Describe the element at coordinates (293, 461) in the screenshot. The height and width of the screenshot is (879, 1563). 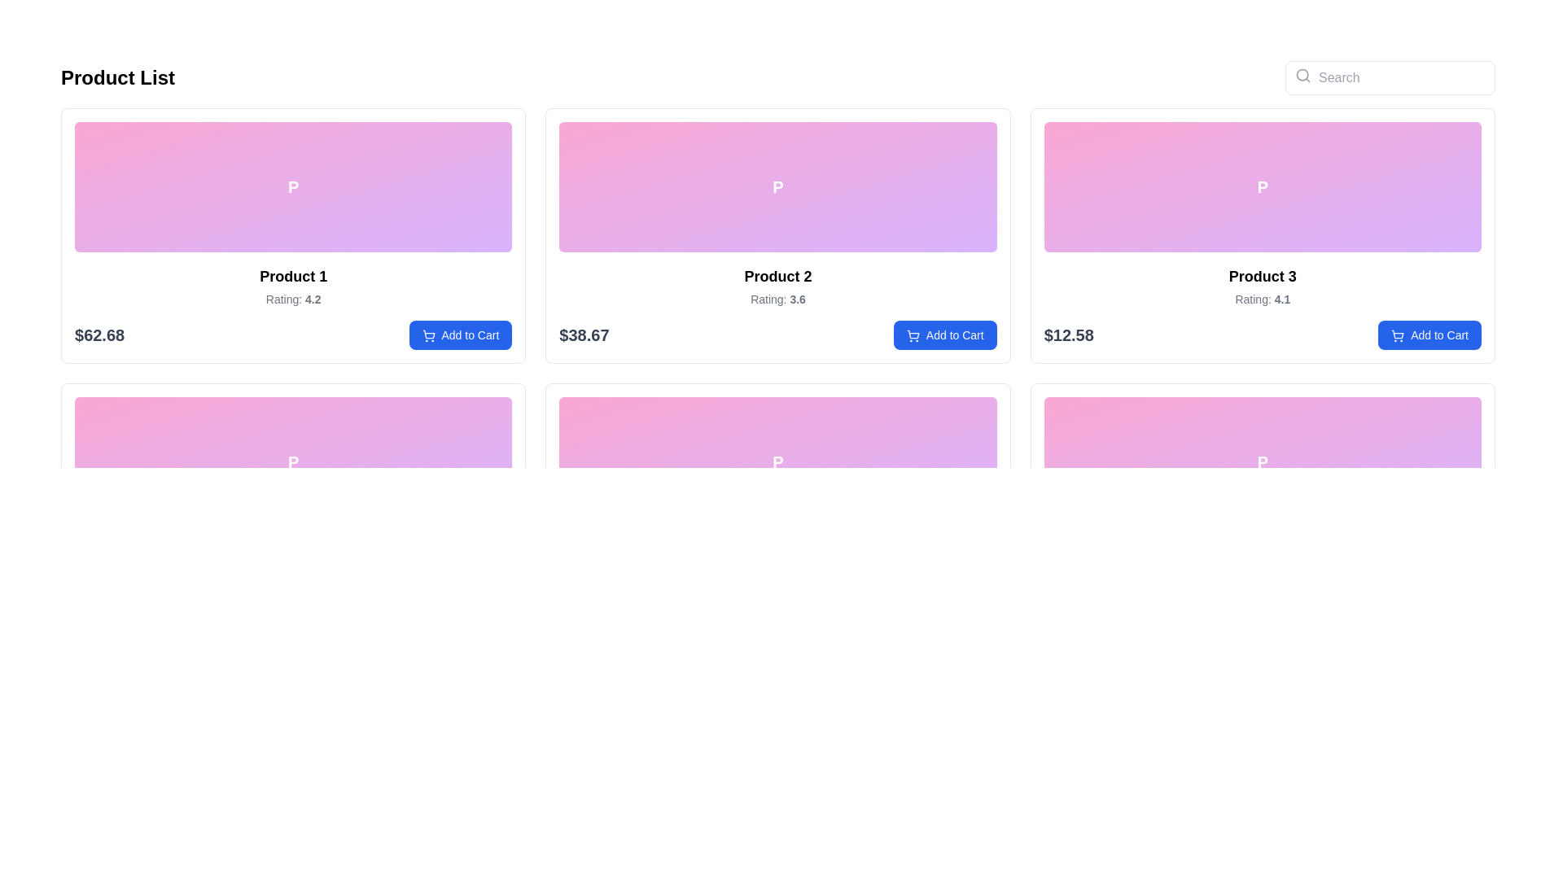
I see `the rectangular panel with a gradient background transitioning from pink to purple, featuring a centered white bold letter 'P', which is located in the upper section of the 'Product 4' card` at that location.